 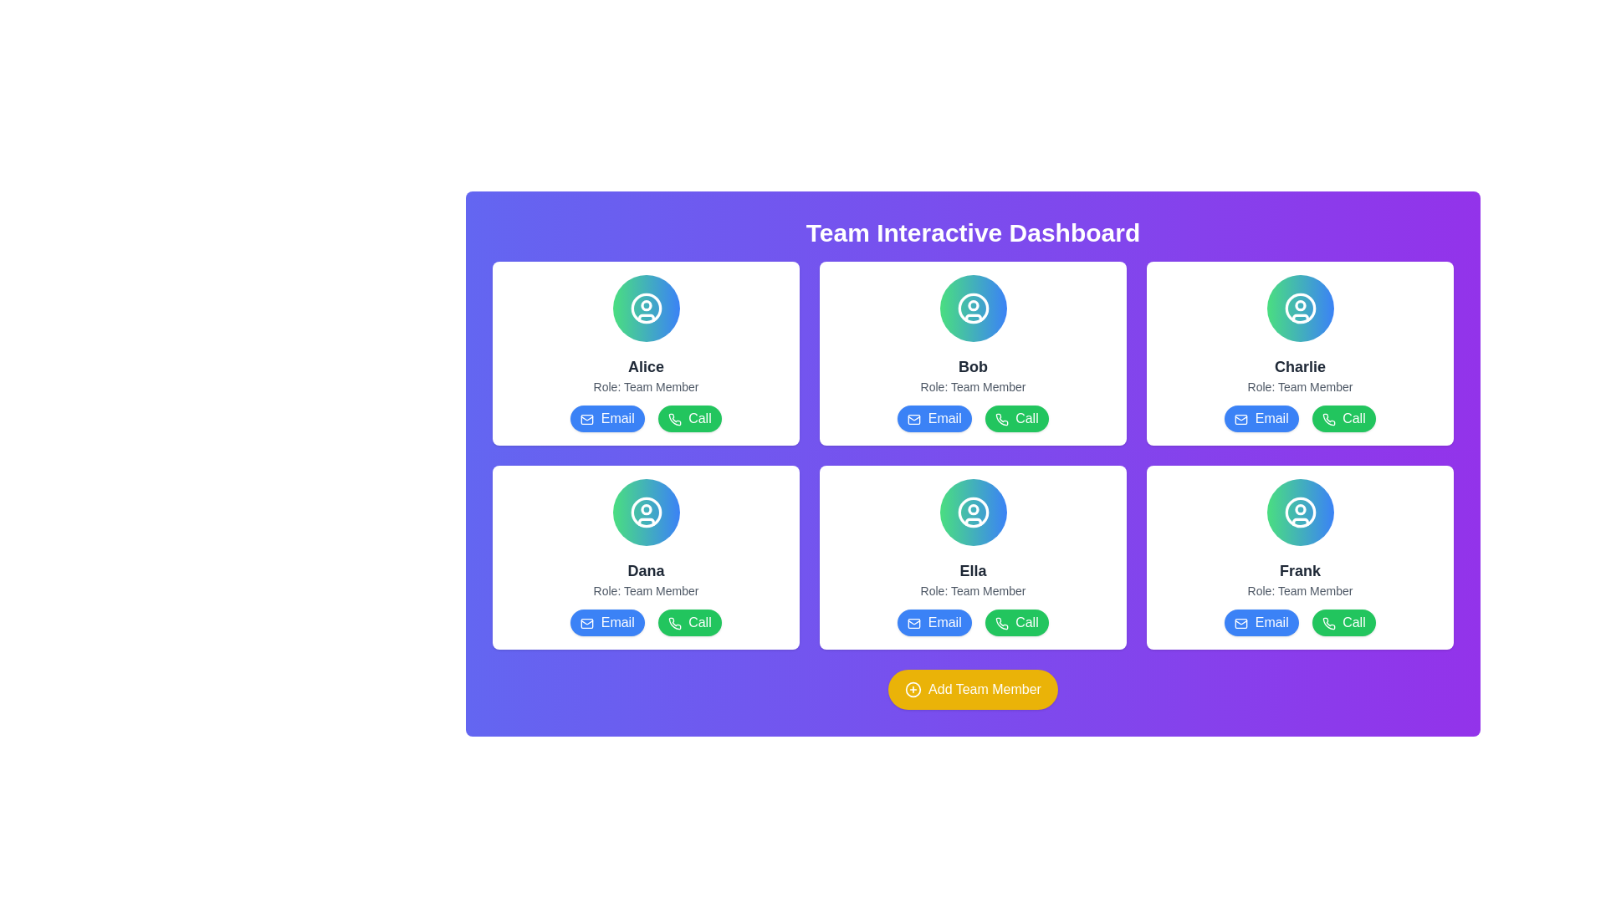 What do you see at coordinates (645, 589) in the screenshot?
I see `the 'Team Member' text label in Dana's profile card, located in the second row, middle column of the grid structure` at bounding box center [645, 589].